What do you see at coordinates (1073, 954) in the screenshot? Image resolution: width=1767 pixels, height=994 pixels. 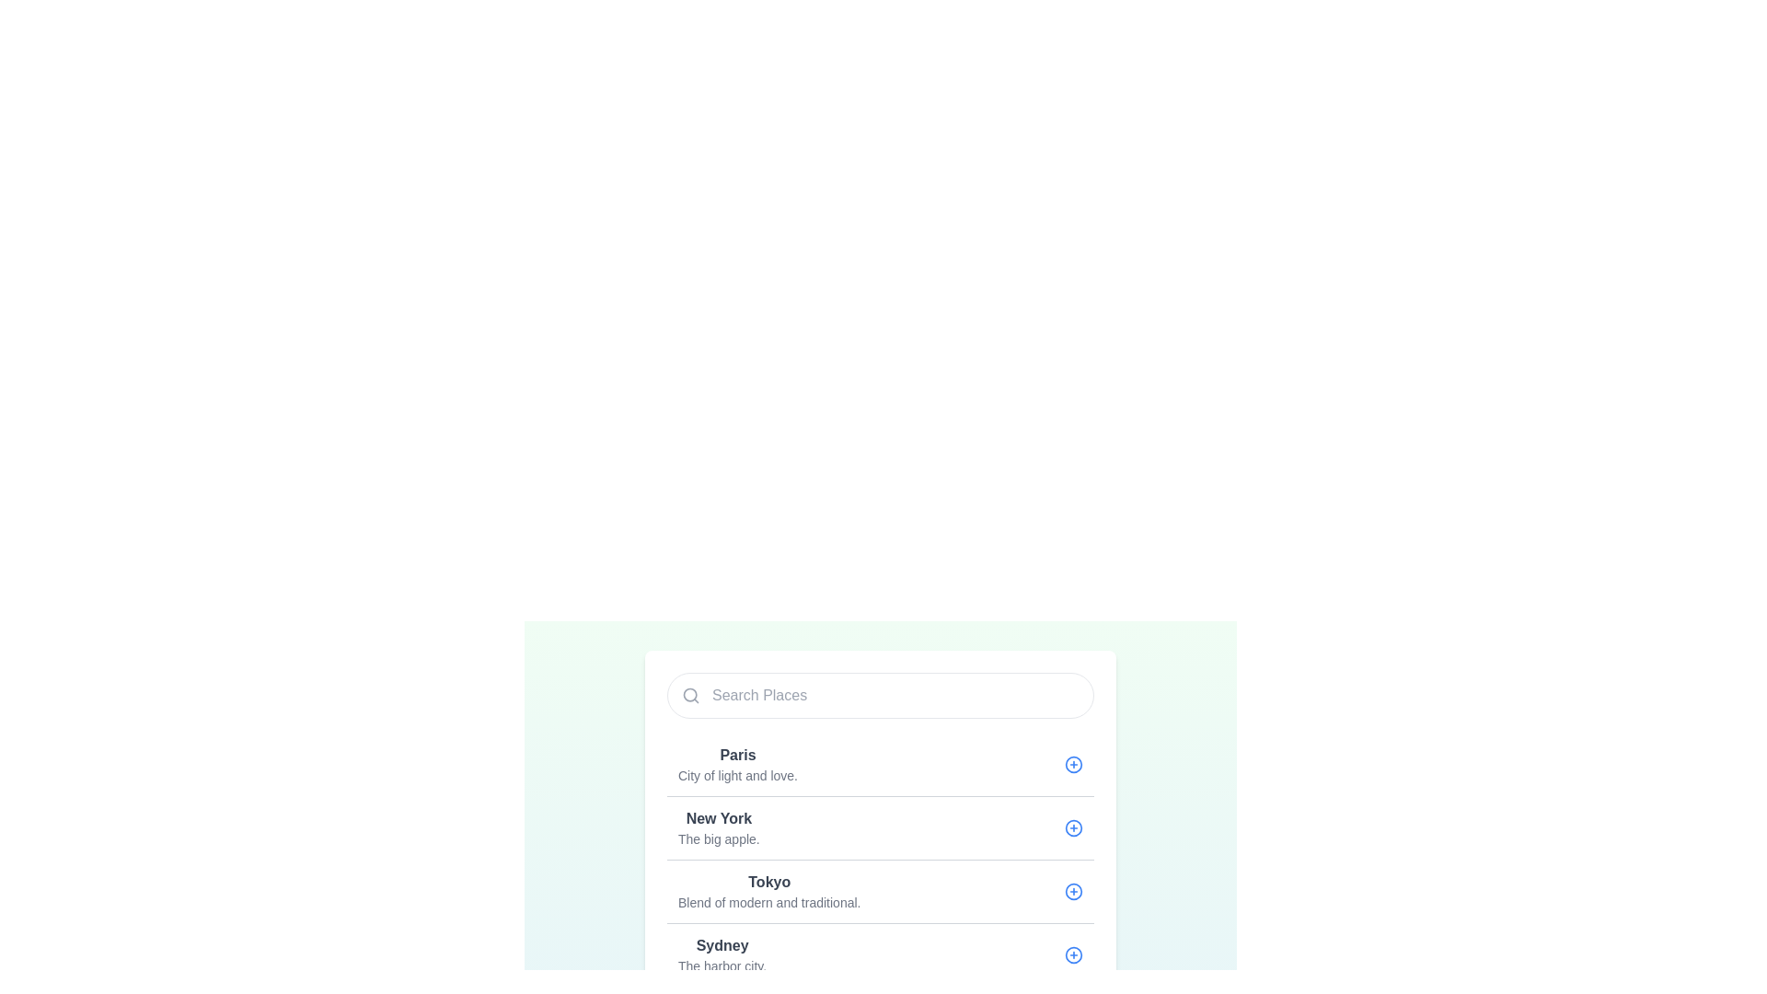 I see `the outer circular component of the '+' icon associated with the listing for 'Sydney' at the bottom of the visible list area` at bounding box center [1073, 954].